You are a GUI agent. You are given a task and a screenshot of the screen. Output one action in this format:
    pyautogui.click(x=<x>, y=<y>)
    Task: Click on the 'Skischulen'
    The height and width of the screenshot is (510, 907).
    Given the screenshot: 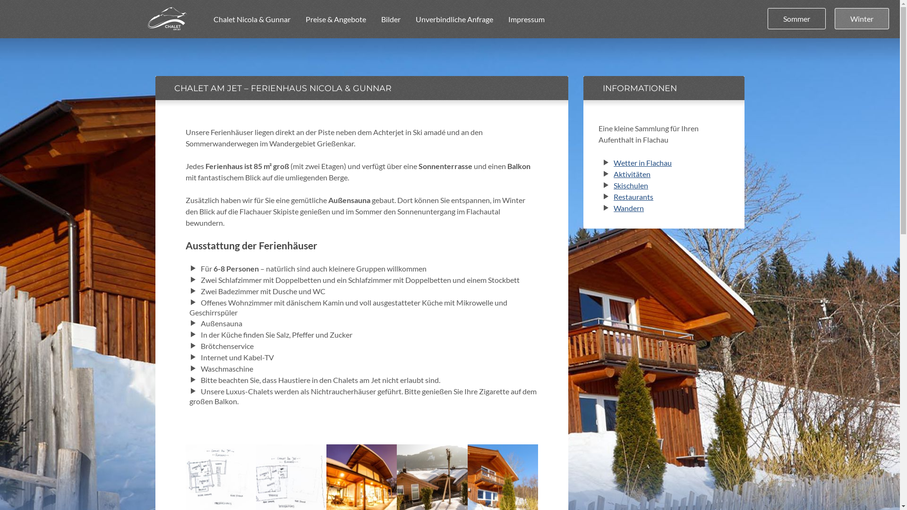 What is the action you would take?
    pyautogui.click(x=631, y=185)
    